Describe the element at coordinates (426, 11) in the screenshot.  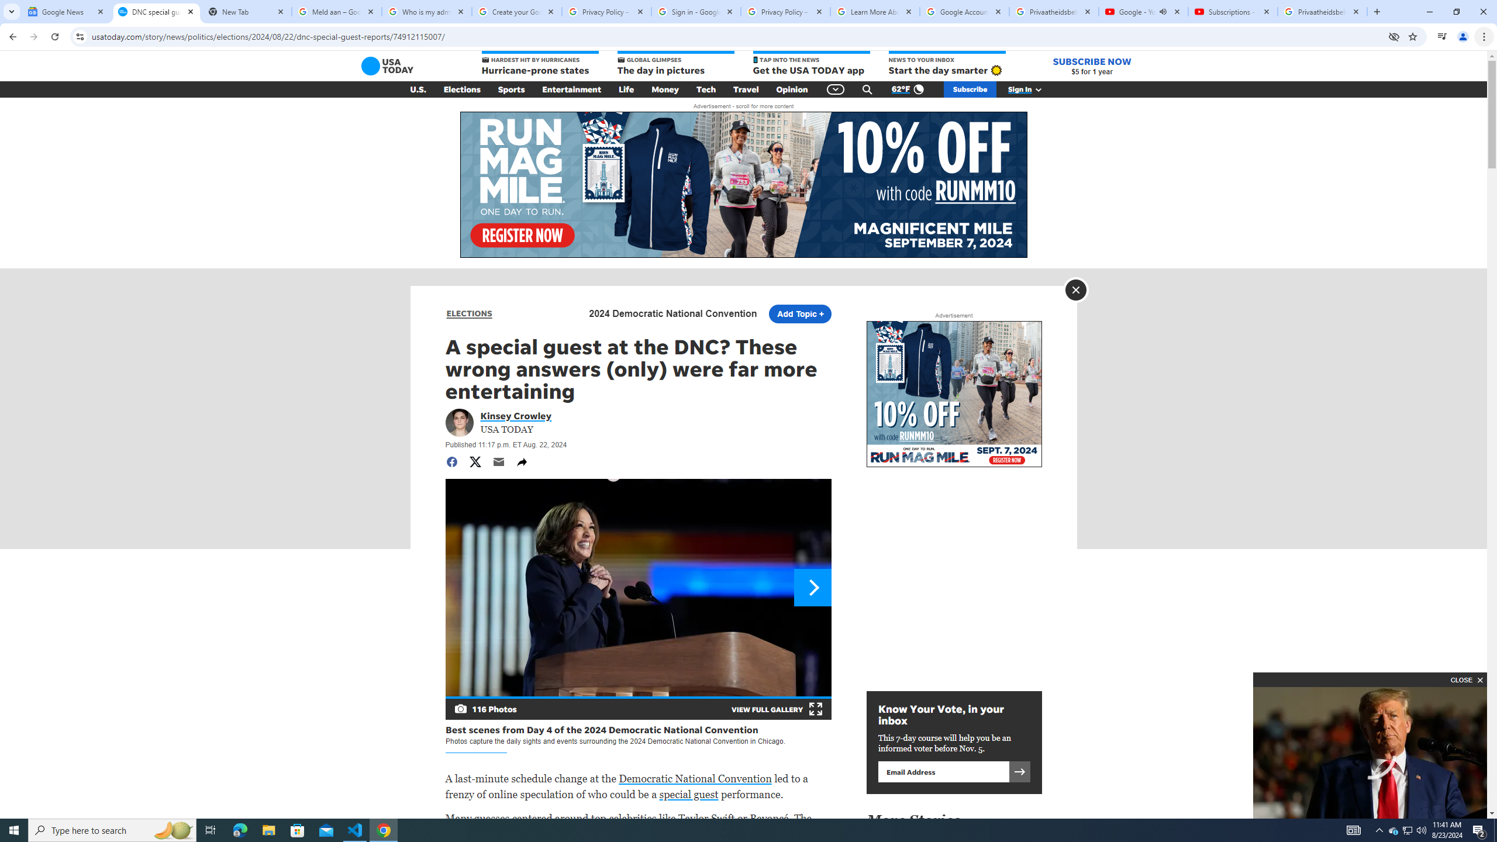
I see `'Who is my administrator? - Google Account Help'` at that location.